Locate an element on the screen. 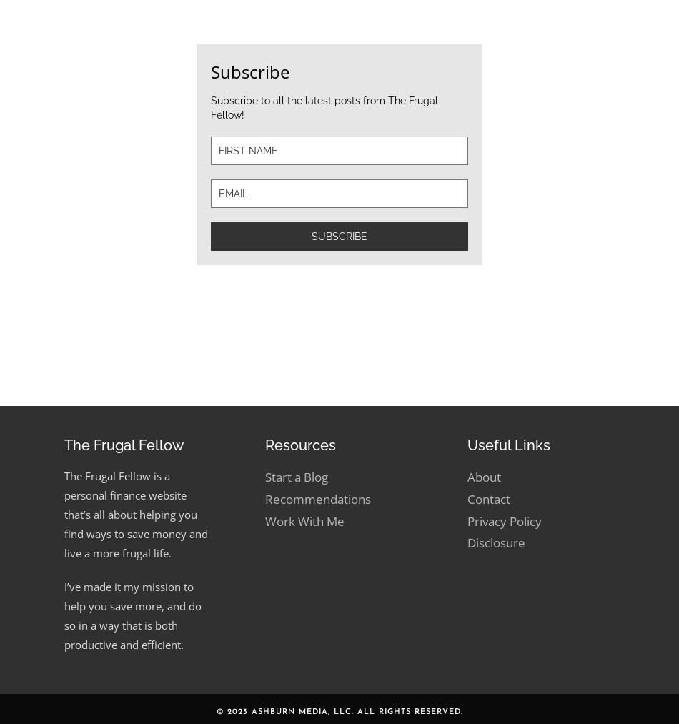 Image resolution: width=679 pixels, height=724 pixels. 'June 20, 2018' is located at coordinates (345, 349).